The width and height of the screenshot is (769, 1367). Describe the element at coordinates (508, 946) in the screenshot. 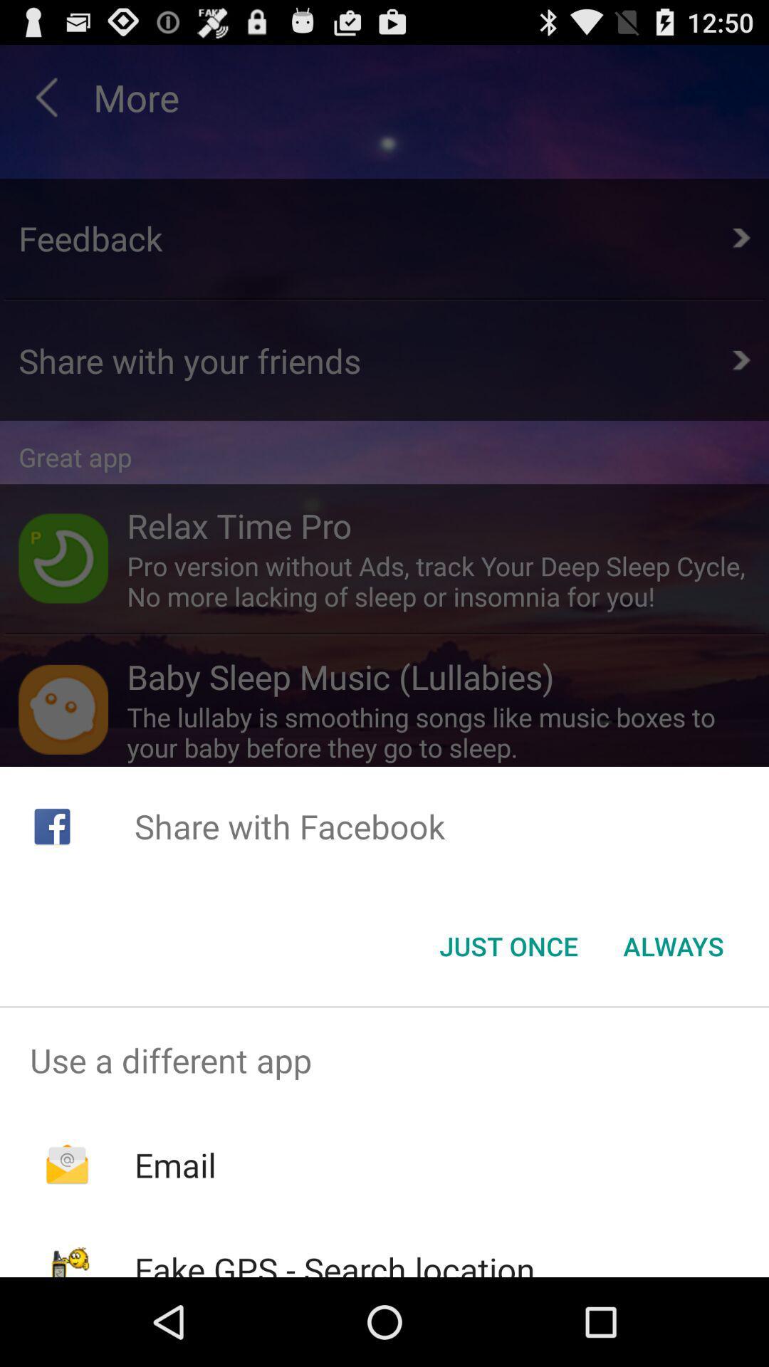

I see `the icon to the left of the always item` at that location.